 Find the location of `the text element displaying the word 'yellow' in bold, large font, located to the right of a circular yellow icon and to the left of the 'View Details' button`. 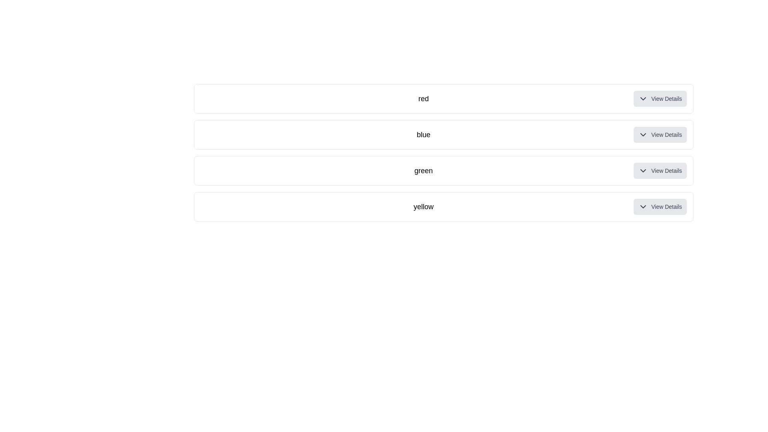

the text element displaying the word 'yellow' in bold, large font, located to the right of a circular yellow icon and to the left of the 'View Details' button is located at coordinates (423, 206).